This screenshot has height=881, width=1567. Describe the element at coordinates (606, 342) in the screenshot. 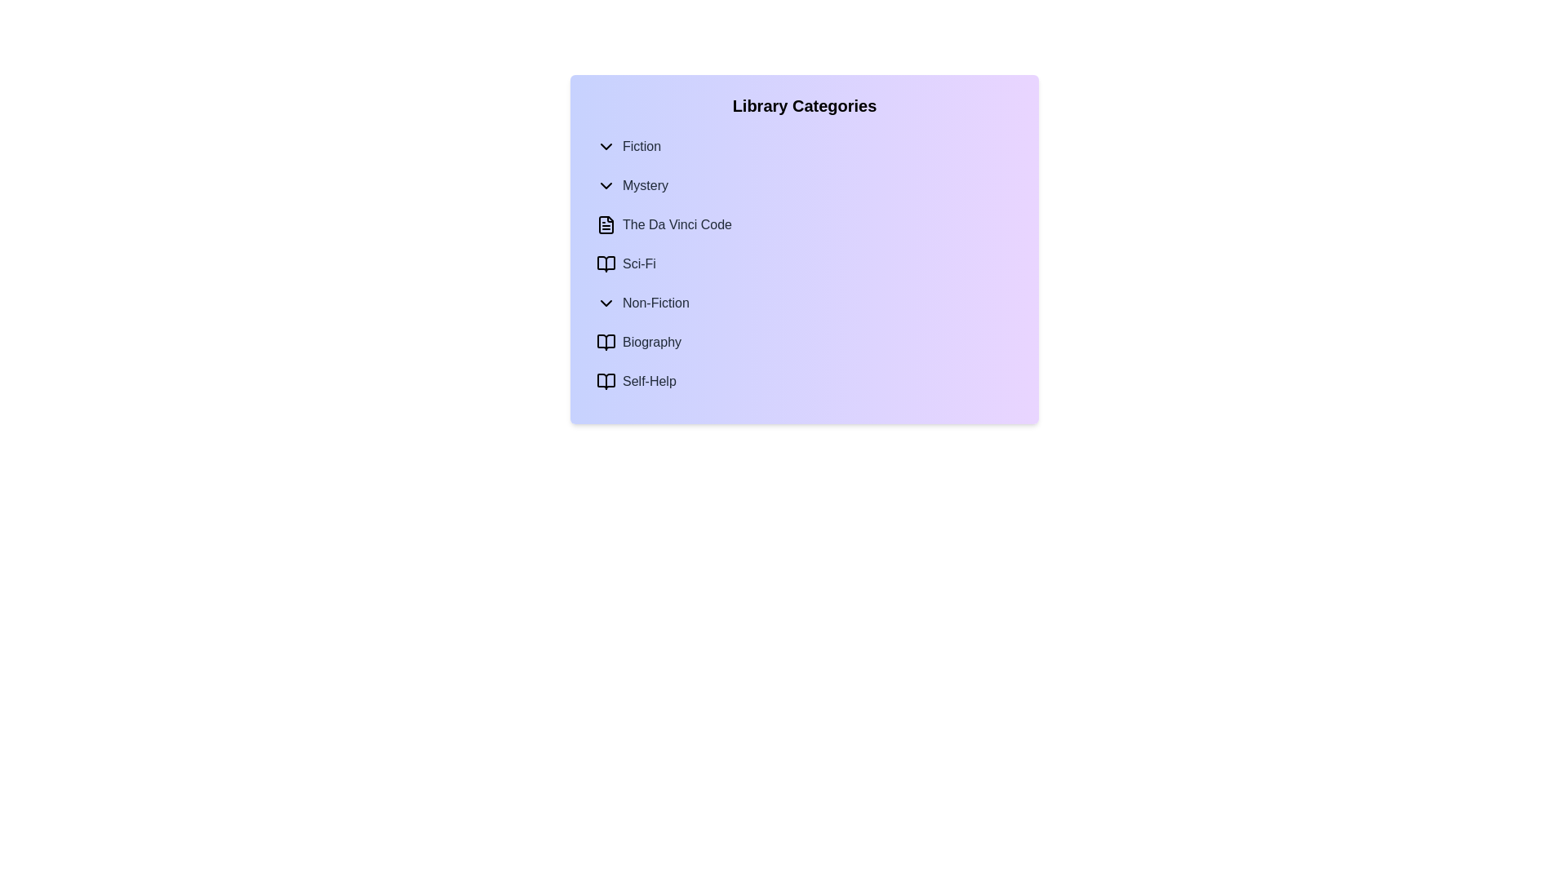

I see `the Biography icon located to the left of the label text 'Biography' within the Library Categories section of the Non-Fiction category` at that location.